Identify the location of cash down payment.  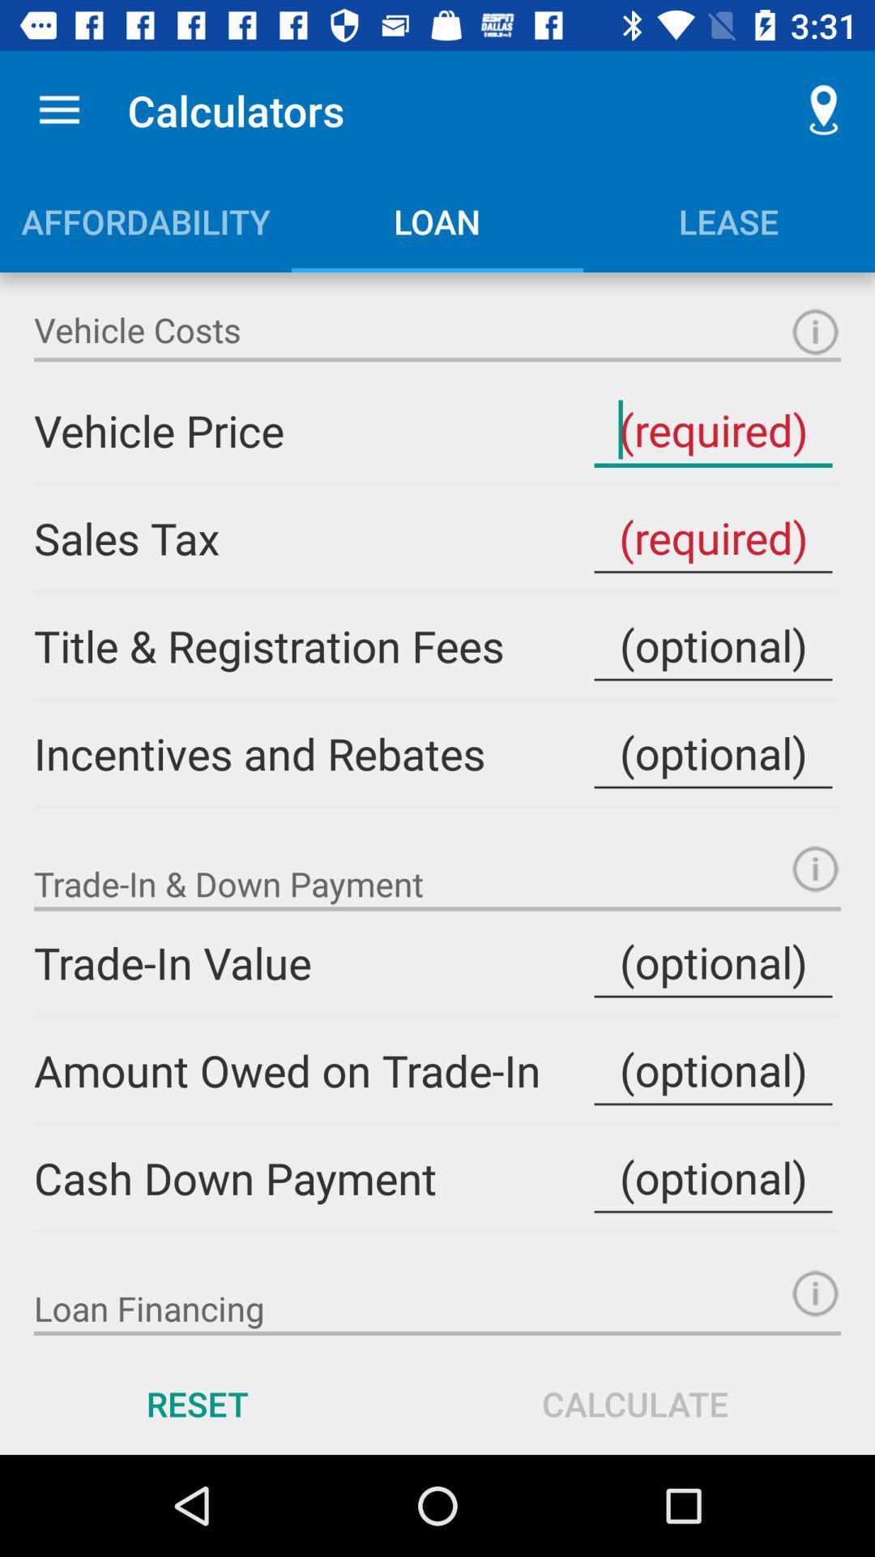
(712, 1177).